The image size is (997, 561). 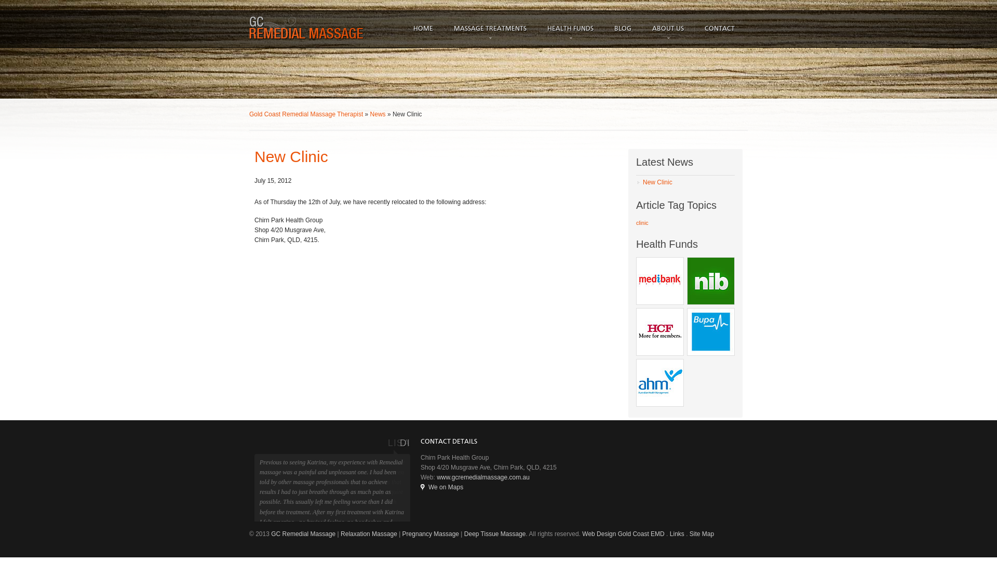 What do you see at coordinates (436, 477) in the screenshot?
I see `'www.gcremedialmassage.com.au'` at bounding box center [436, 477].